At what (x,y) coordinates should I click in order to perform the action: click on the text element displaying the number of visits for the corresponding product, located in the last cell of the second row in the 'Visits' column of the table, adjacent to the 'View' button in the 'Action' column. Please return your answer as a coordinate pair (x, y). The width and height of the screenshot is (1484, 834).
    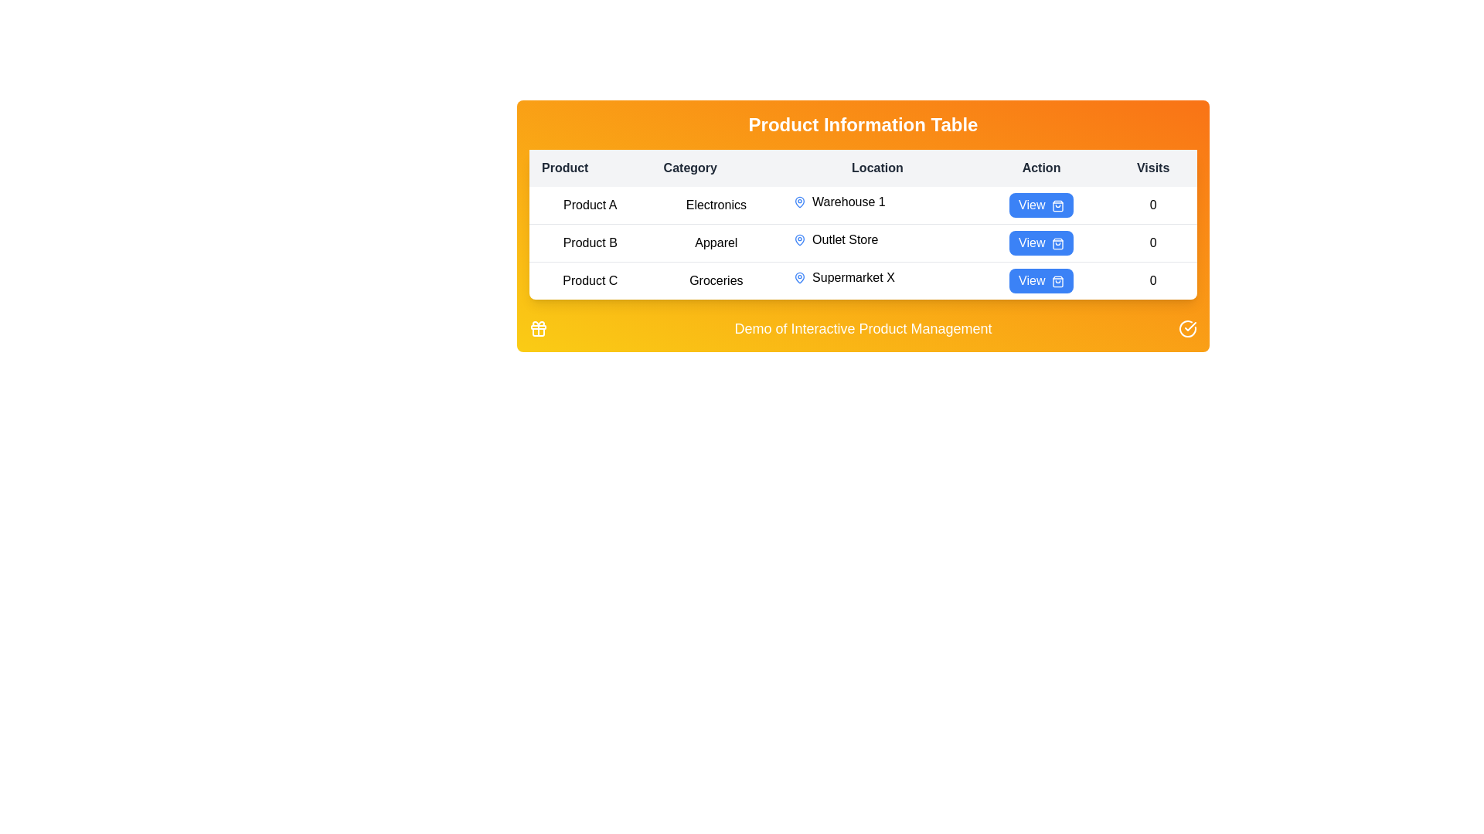
    Looking at the image, I should click on (1153, 243).